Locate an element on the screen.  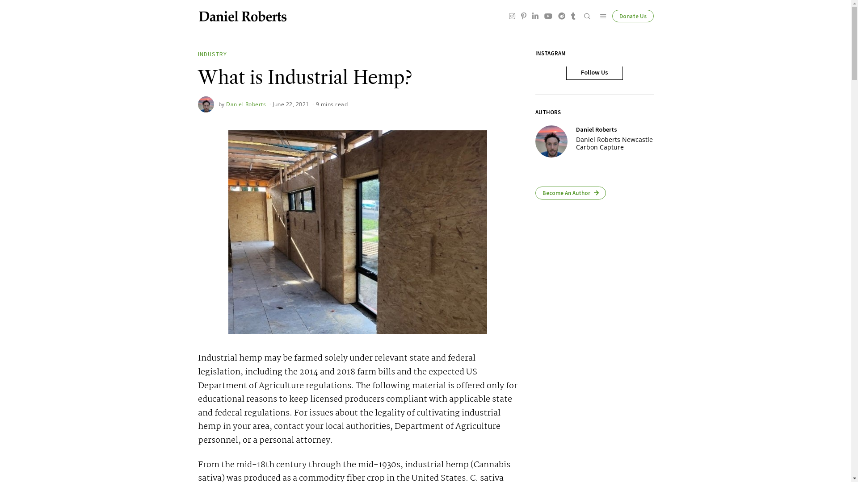
'Pinterest' is located at coordinates (523, 16).